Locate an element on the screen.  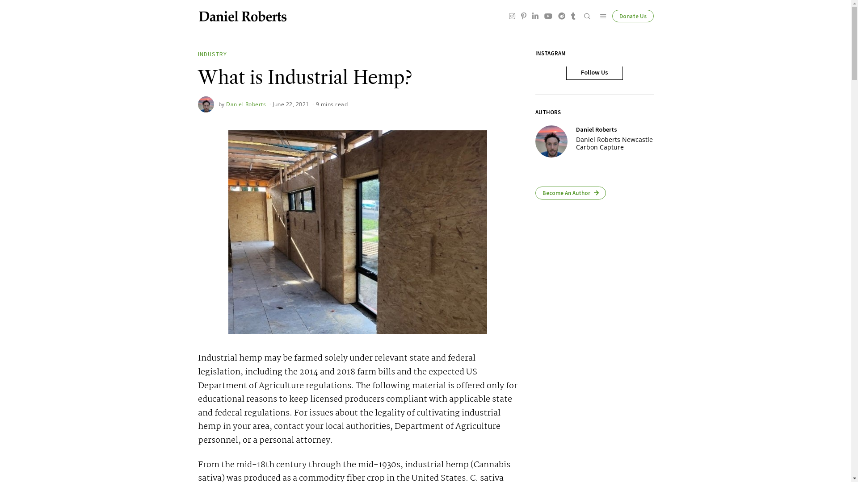
'Pinterest' is located at coordinates (523, 16).